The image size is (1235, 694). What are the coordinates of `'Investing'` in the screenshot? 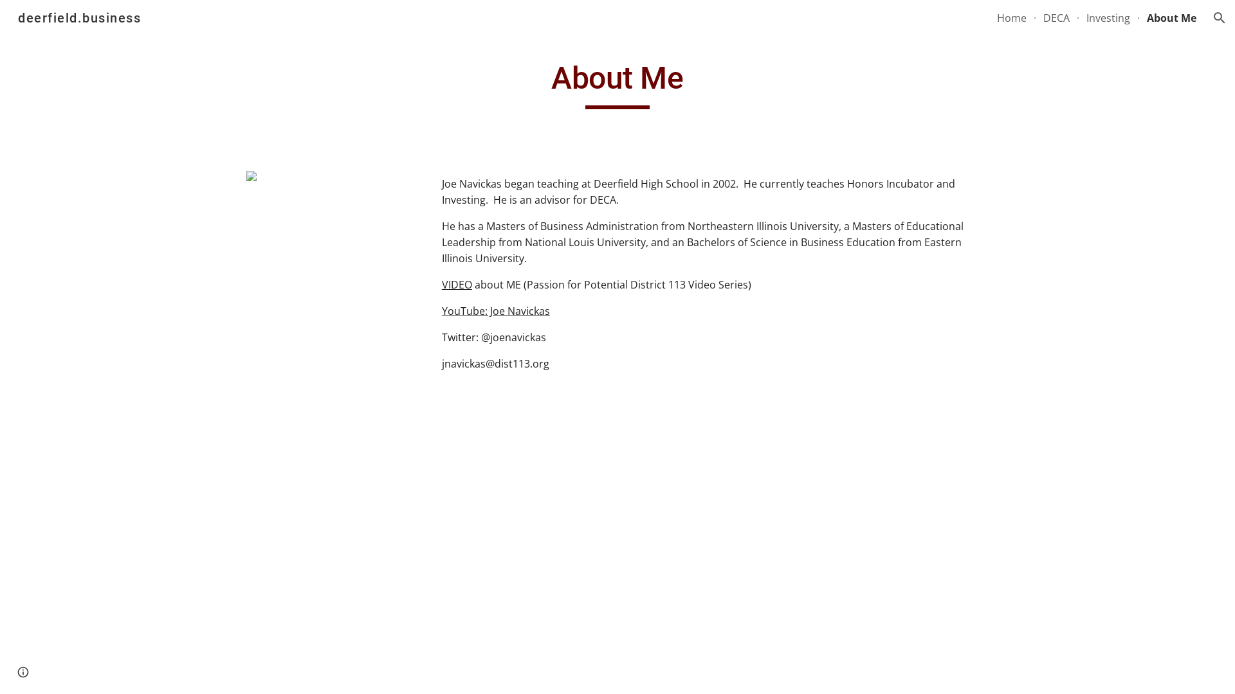 It's located at (1086, 17).